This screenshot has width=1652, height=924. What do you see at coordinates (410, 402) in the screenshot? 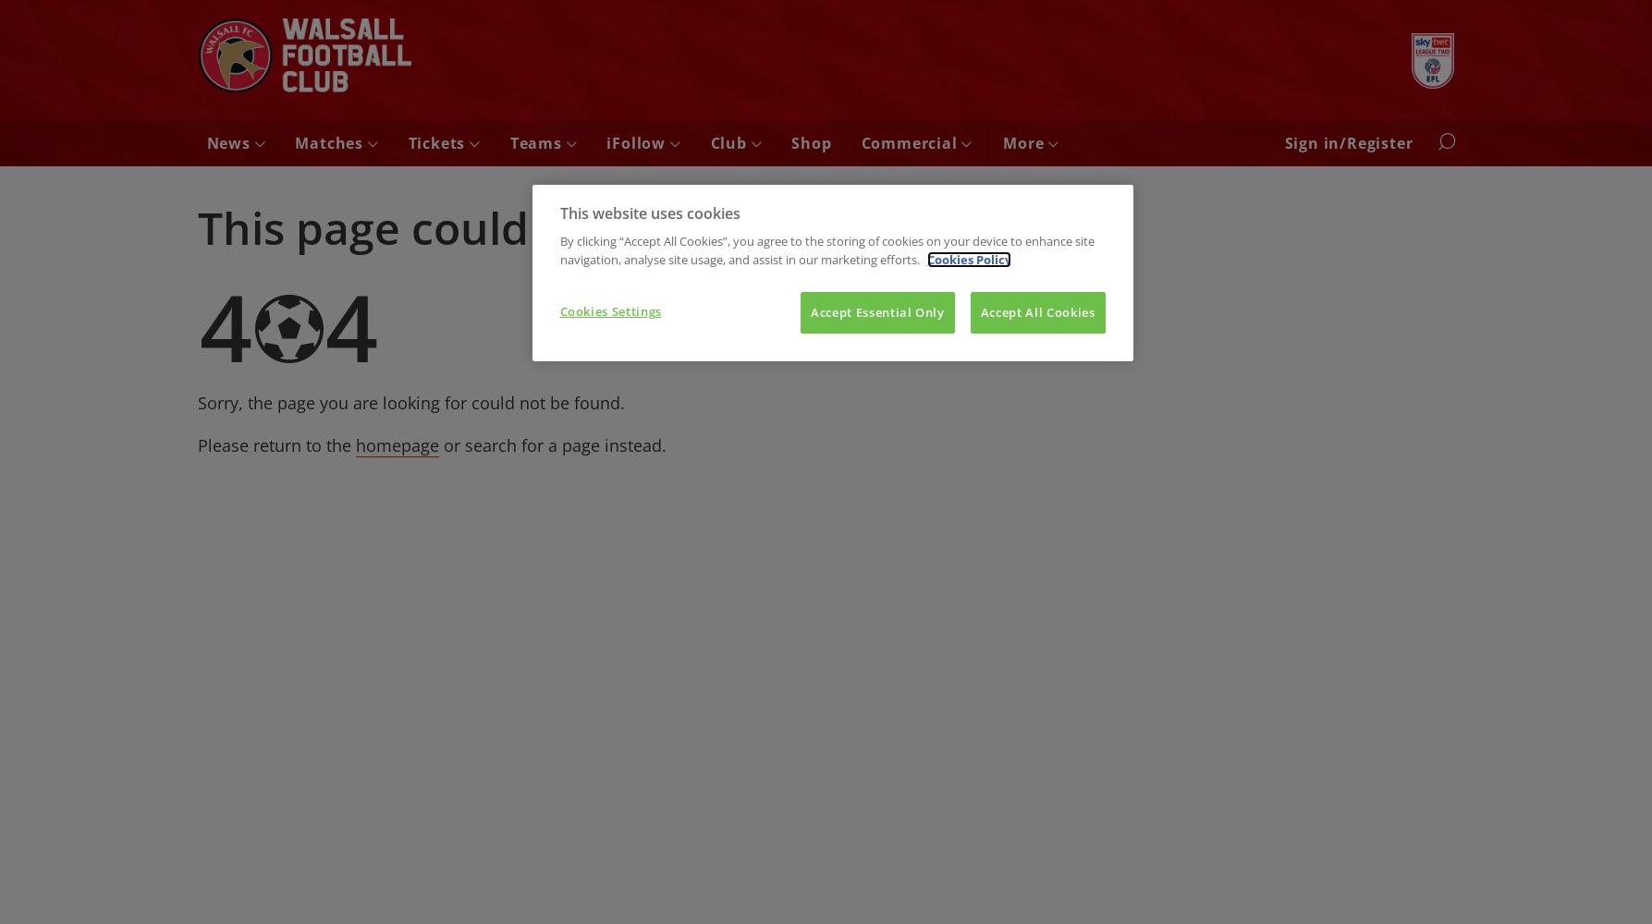
I see `'Sorry, the page you are looking for could not be found.'` at bounding box center [410, 402].